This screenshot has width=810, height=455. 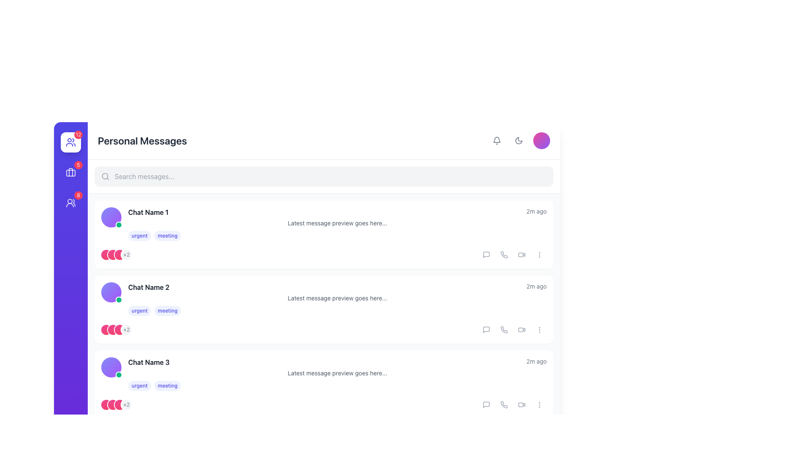 What do you see at coordinates (337, 224) in the screenshot?
I see `the first chat entry in the 'Personal Messages' section` at bounding box center [337, 224].